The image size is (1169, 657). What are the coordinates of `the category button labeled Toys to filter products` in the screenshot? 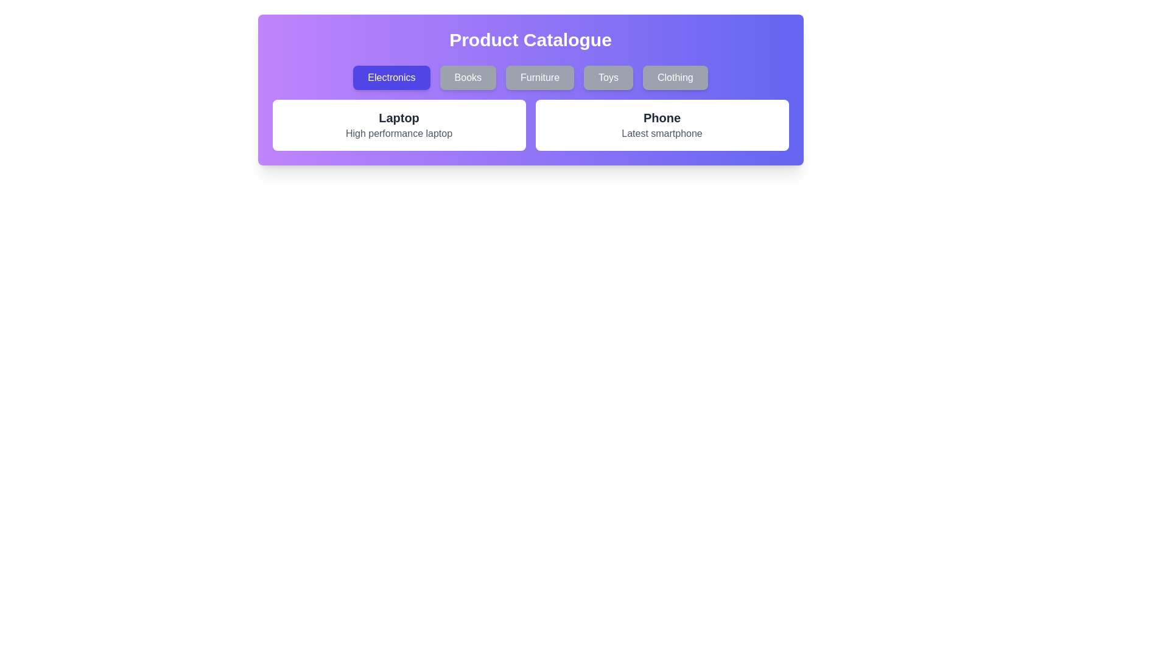 It's located at (608, 77).